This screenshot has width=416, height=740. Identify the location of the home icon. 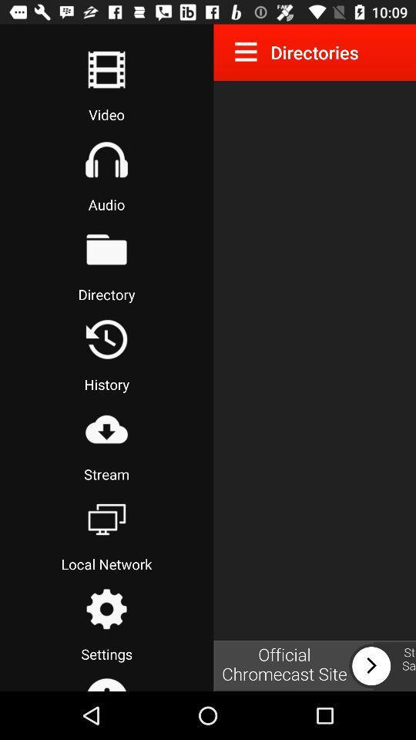
(106, 676).